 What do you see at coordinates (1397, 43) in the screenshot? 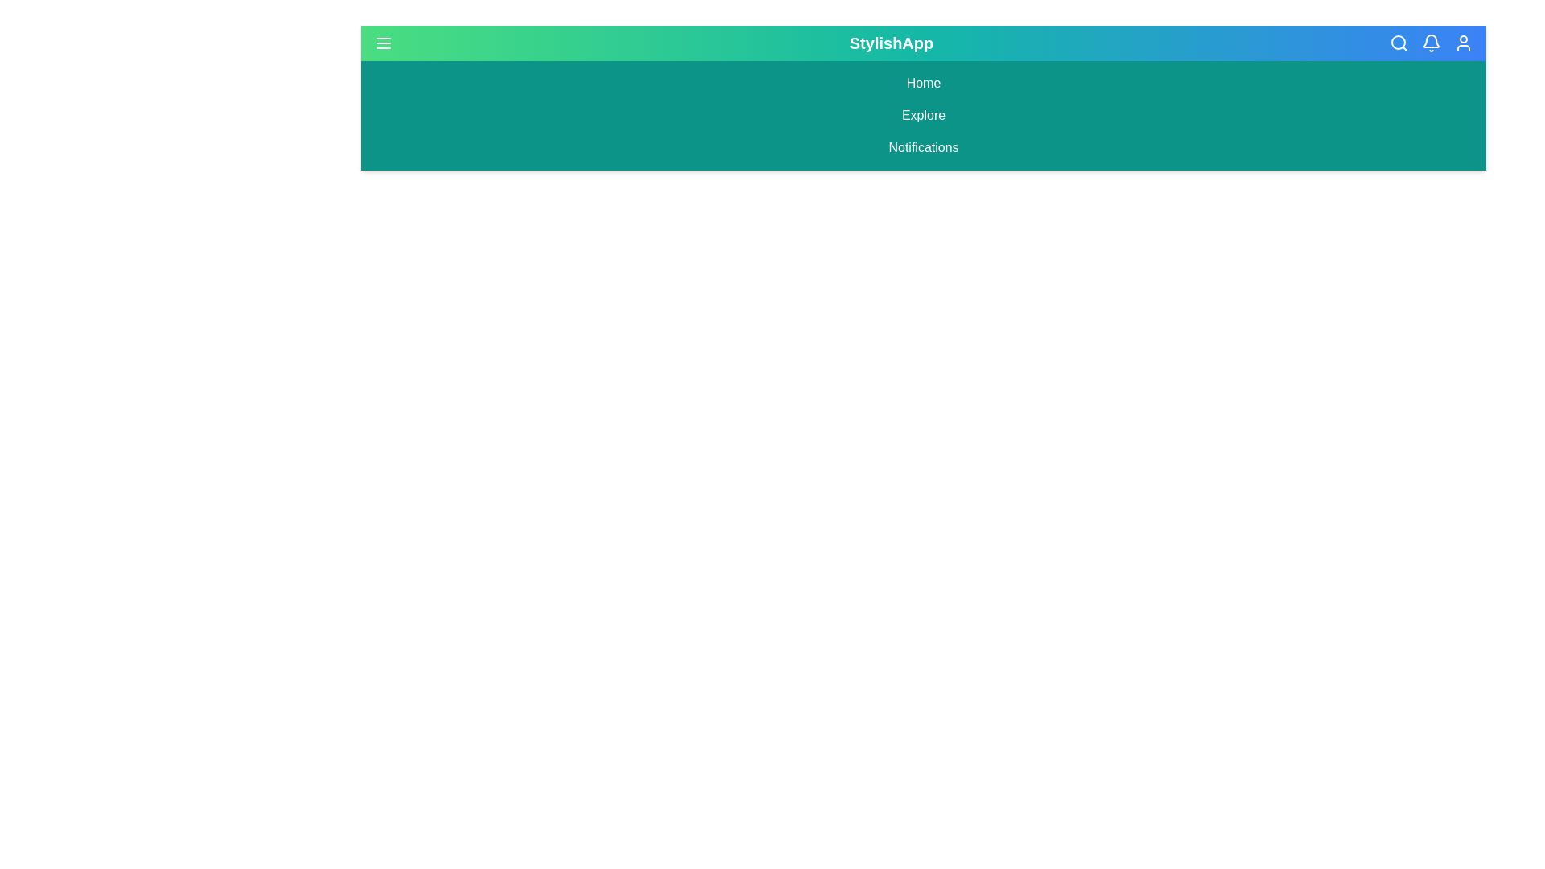
I see `the Search icon in the header` at bounding box center [1397, 43].